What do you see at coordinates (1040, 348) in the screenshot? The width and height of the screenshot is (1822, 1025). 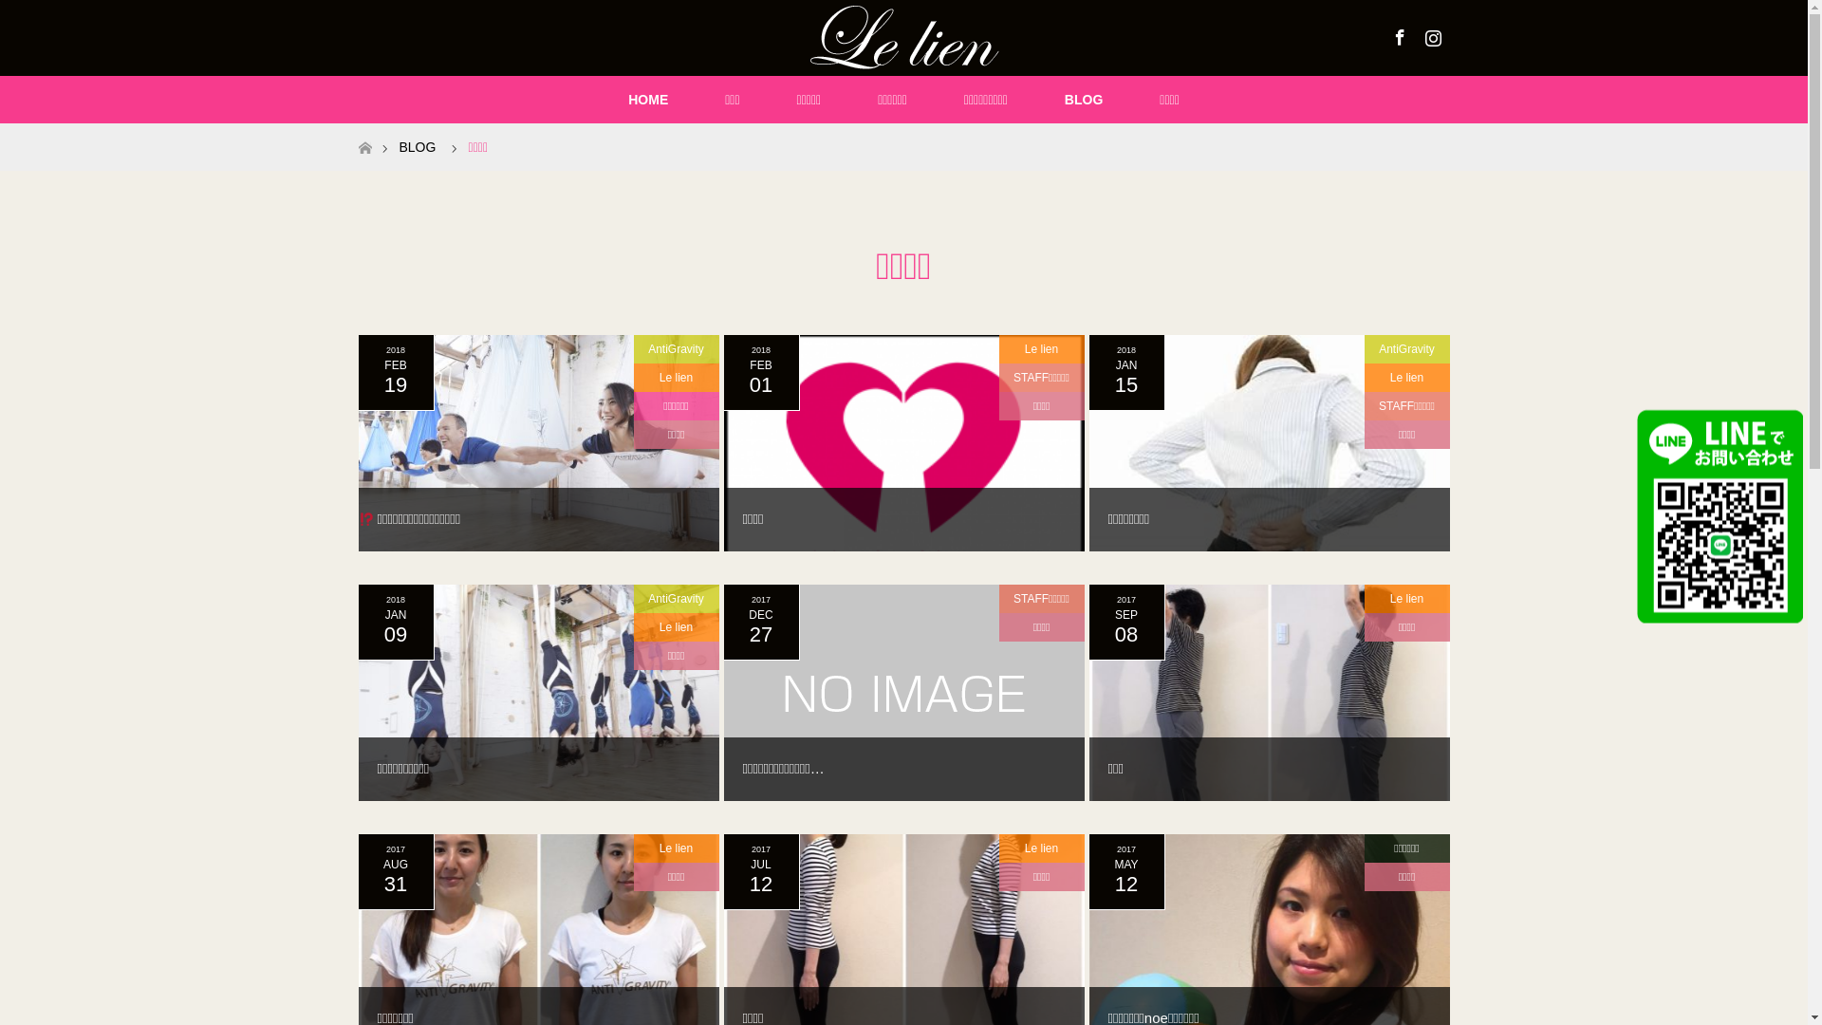 I see `'Le lien'` at bounding box center [1040, 348].